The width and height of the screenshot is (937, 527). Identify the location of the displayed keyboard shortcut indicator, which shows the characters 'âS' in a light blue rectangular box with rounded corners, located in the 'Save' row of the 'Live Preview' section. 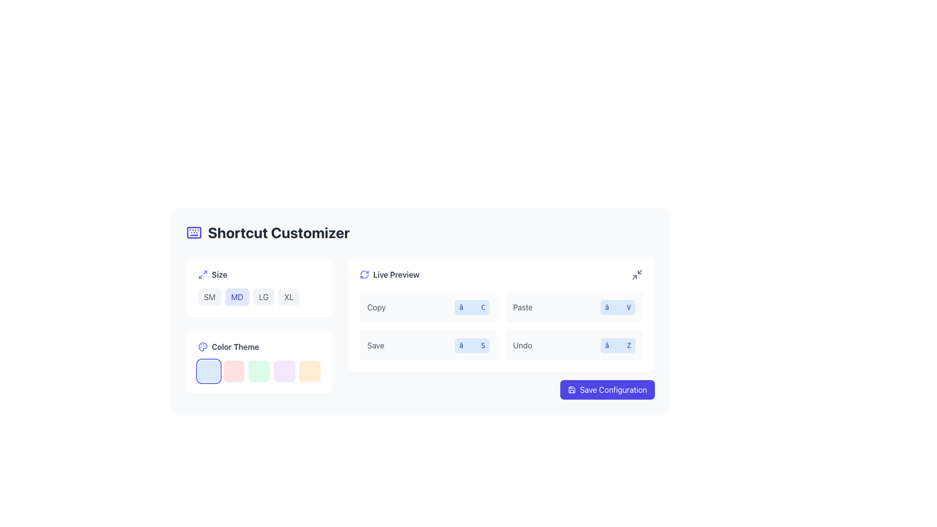
(472, 345).